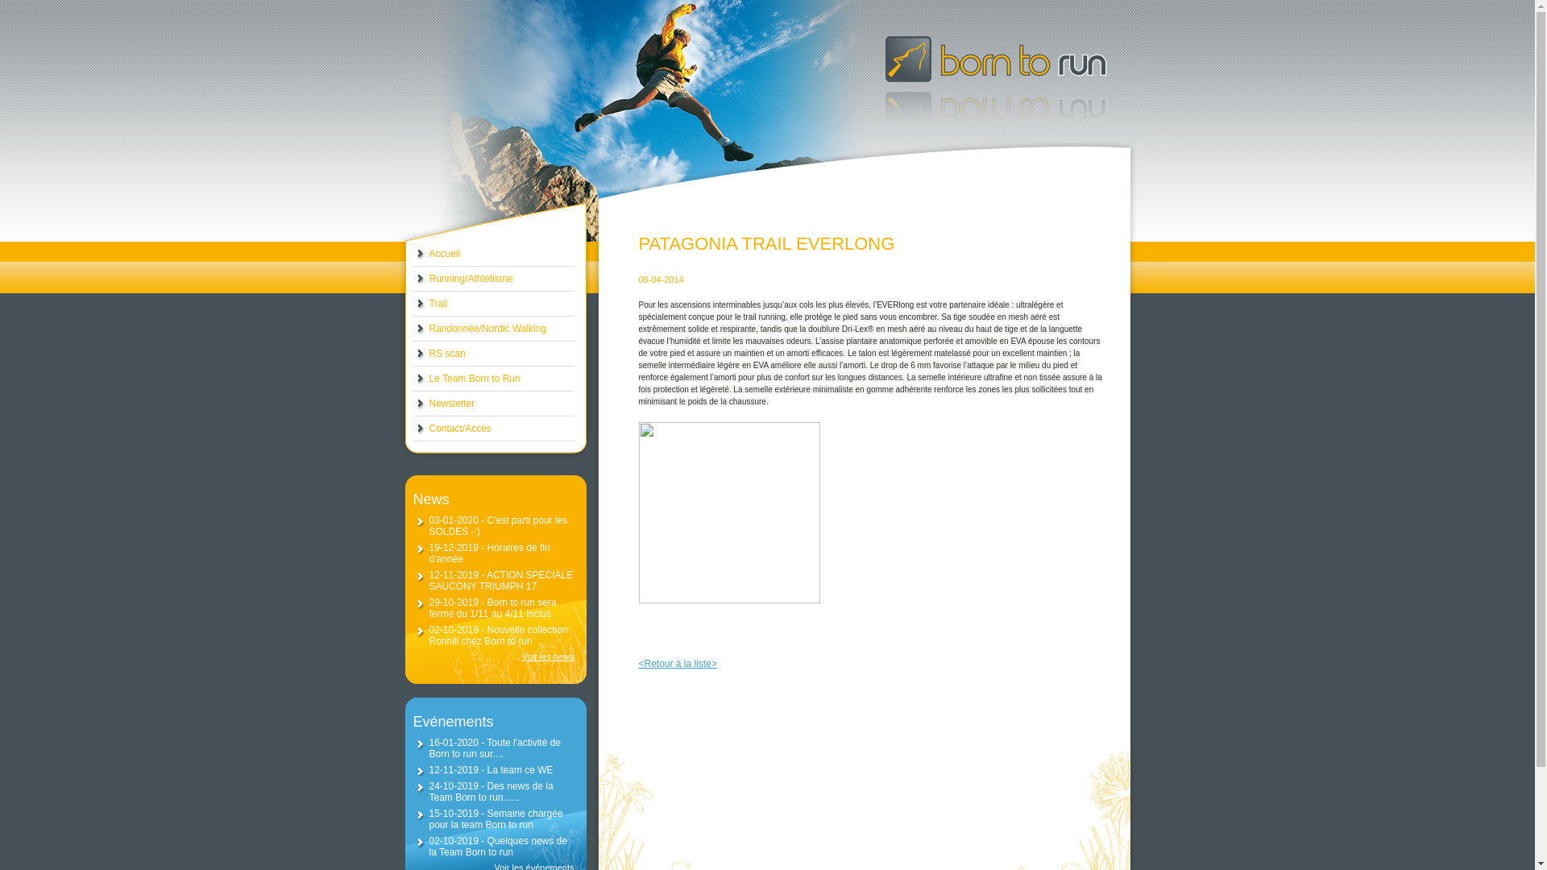  What do you see at coordinates (497, 635) in the screenshot?
I see `'02-10-2019 - Nouvelle collection Ronhill chez Born to run'` at bounding box center [497, 635].